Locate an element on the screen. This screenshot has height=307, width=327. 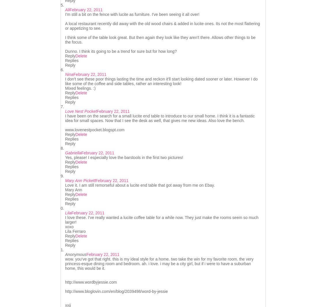
'xoxo' is located at coordinates (69, 226).